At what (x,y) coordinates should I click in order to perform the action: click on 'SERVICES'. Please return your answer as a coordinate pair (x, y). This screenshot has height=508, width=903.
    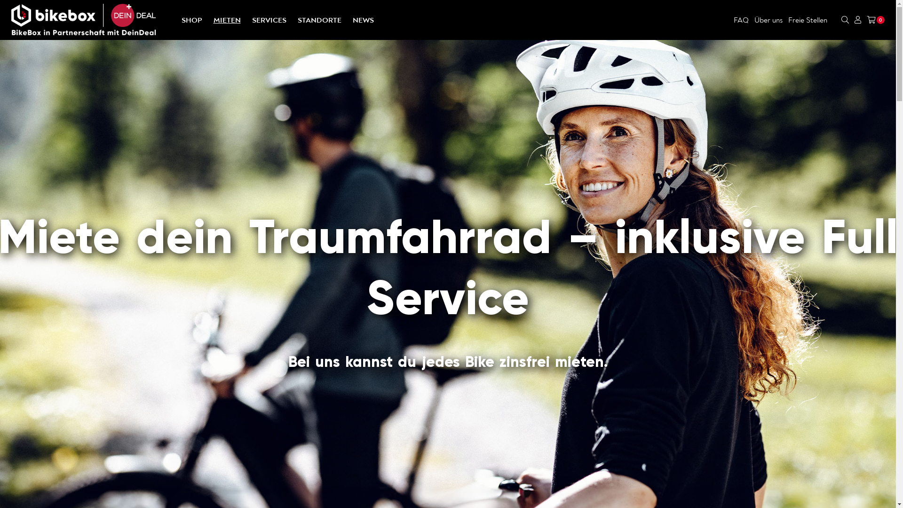
    Looking at the image, I should click on (269, 20).